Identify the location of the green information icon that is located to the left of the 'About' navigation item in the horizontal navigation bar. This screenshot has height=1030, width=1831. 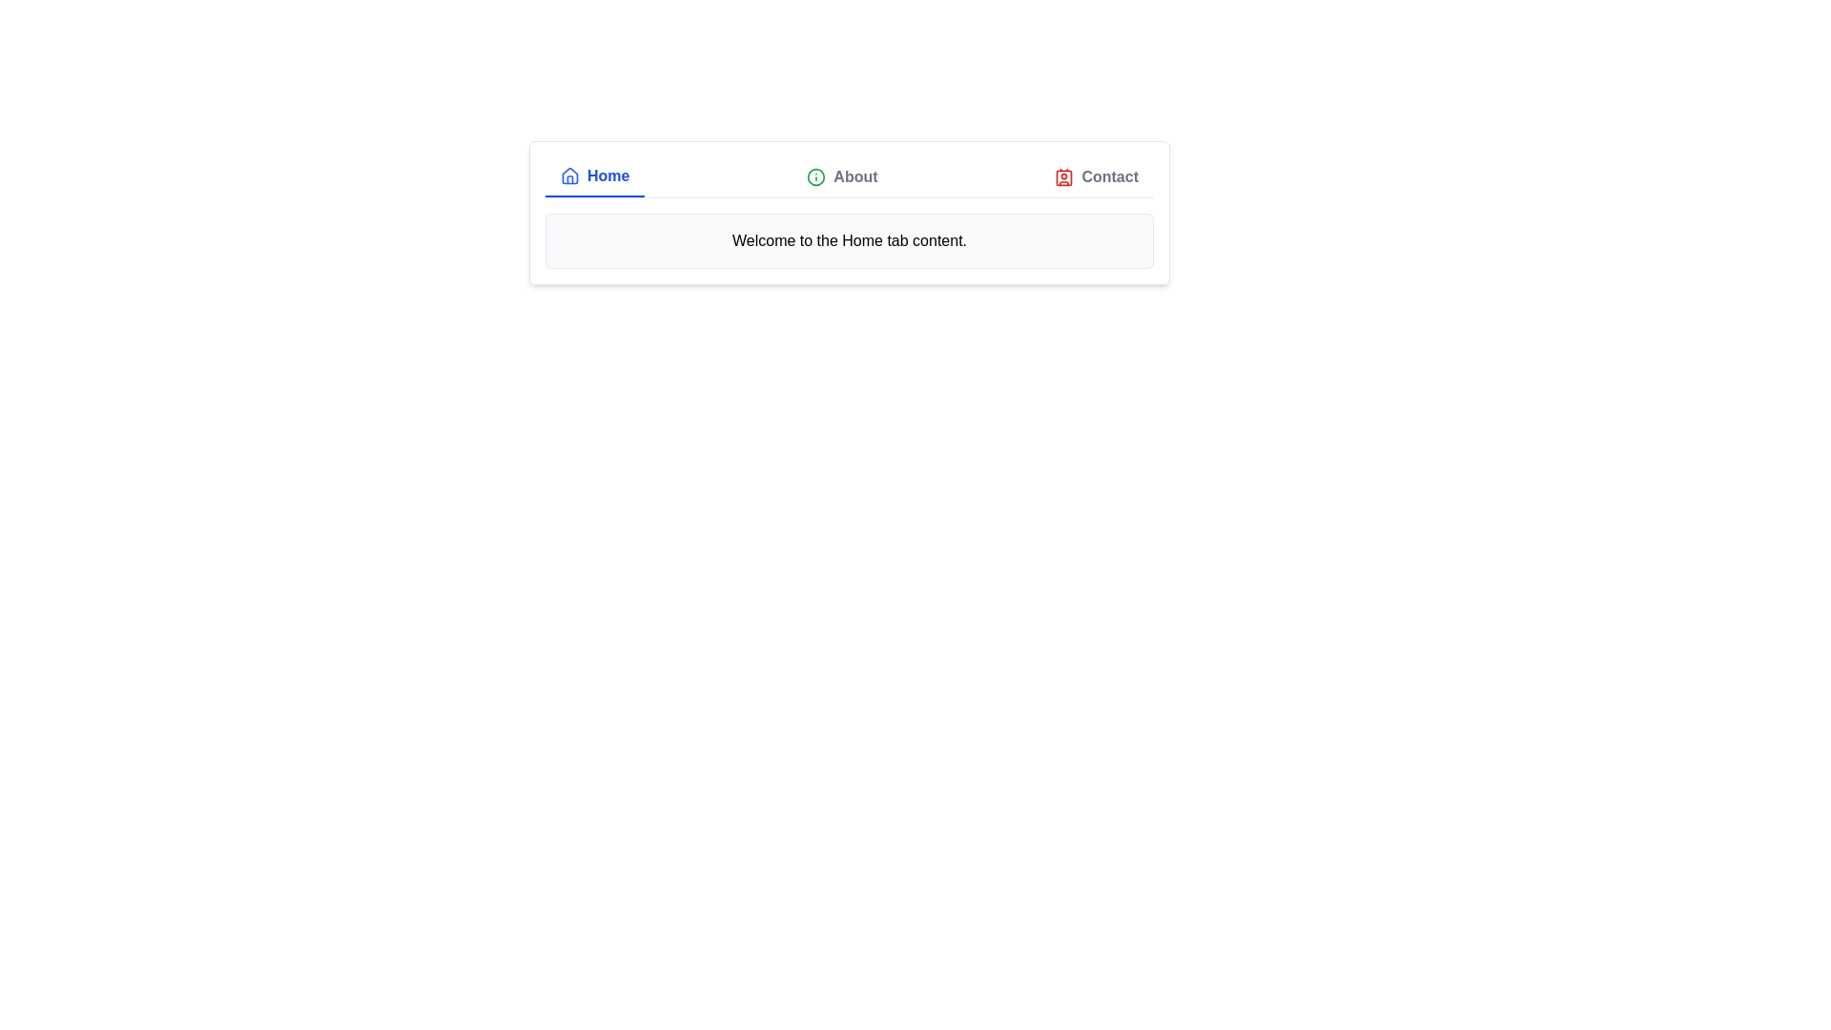
(816, 176).